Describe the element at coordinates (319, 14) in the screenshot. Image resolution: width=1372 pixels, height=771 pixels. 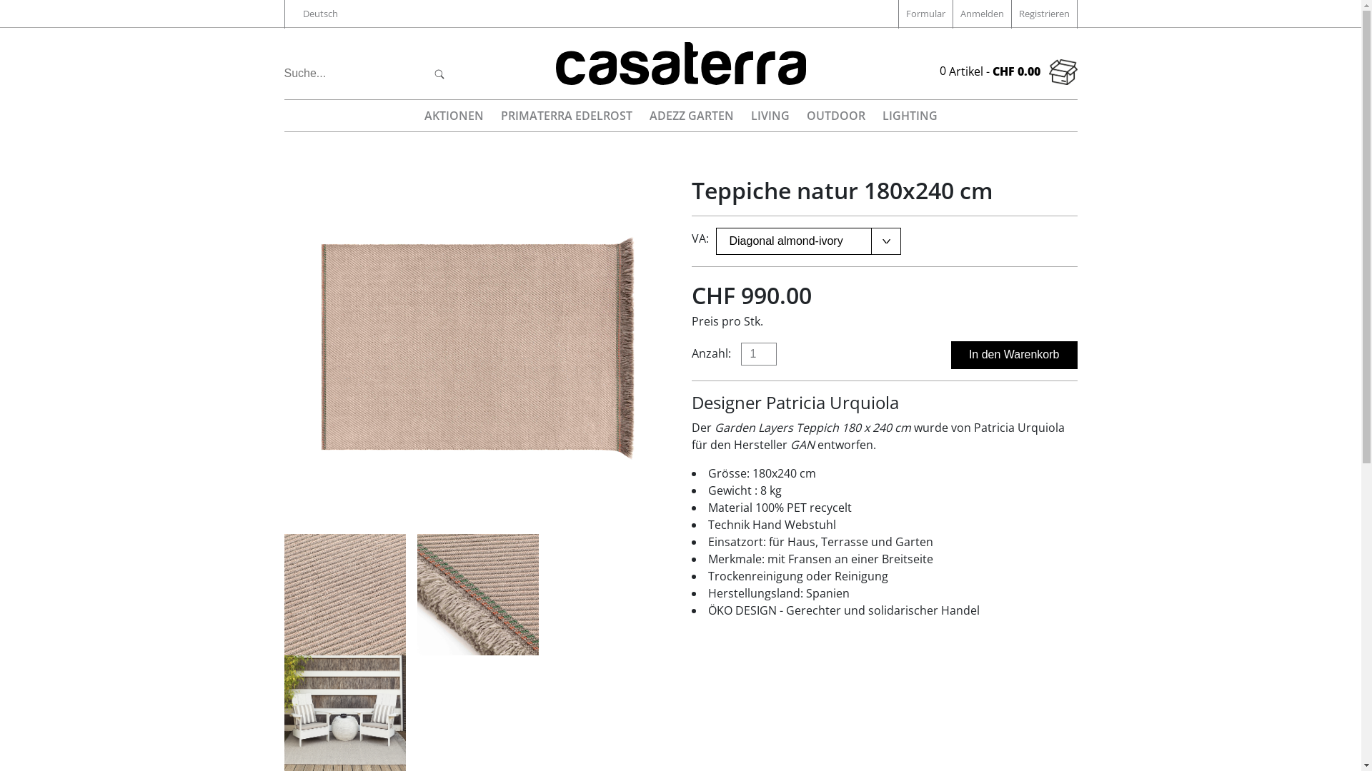
I see `'Deutsch'` at that location.